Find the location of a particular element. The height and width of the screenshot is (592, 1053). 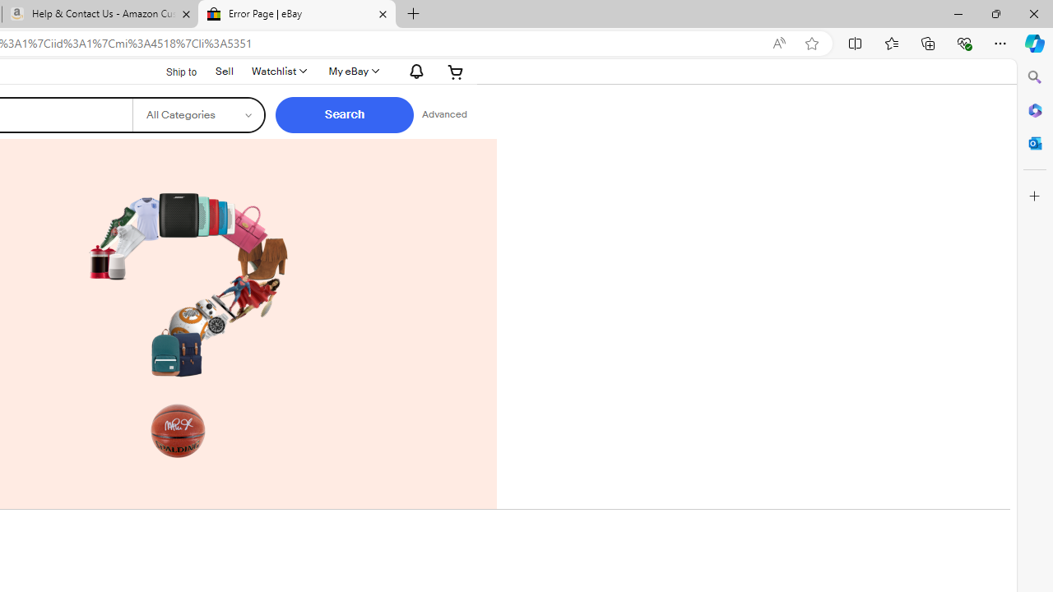

'Advanced Search' is located at coordinates (444, 114).